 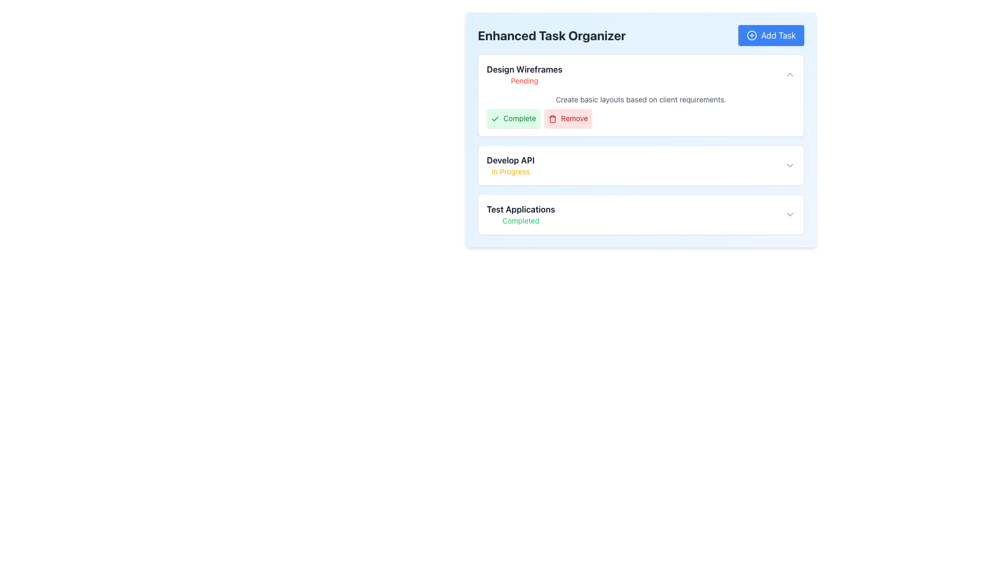 What do you see at coordinates (640, 100) in the screenshot?
I see `the Text Label that provides context for the task 'Design Wireframes', positioned beneath the title and above the 'Complete' and 'Remove' buttons` at bounding box center [640, 100].